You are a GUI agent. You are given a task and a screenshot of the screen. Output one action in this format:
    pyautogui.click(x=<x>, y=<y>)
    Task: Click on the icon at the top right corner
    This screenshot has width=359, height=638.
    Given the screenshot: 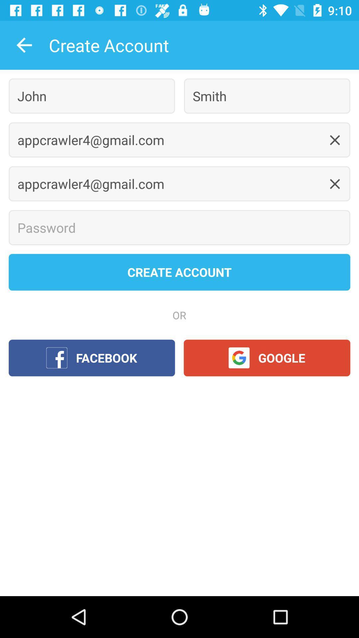 What is the action you would take?
    pyautogui.click(x=267, y=96)
    